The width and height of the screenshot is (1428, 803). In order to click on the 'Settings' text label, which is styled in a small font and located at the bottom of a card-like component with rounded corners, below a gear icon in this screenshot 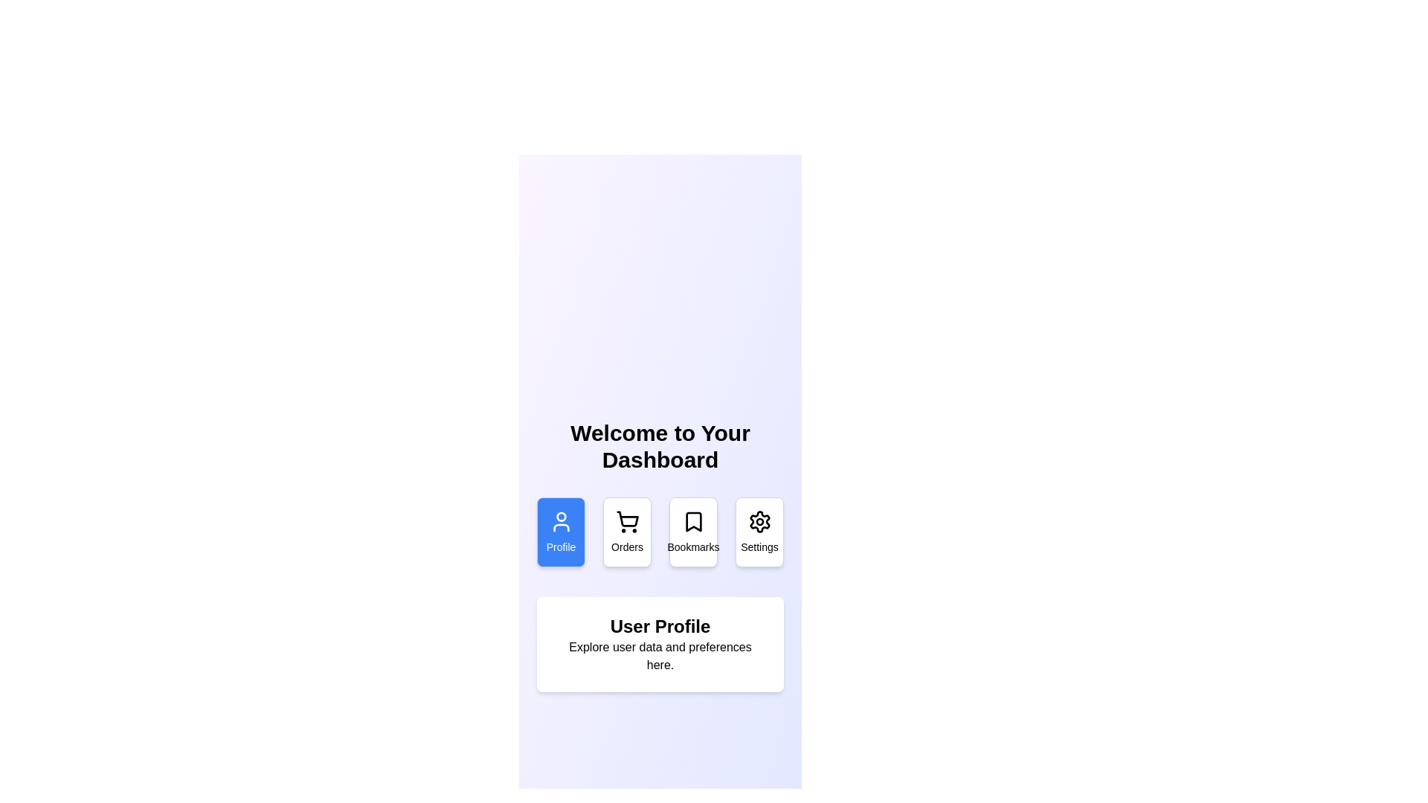, I will do `click(759, 547)`.